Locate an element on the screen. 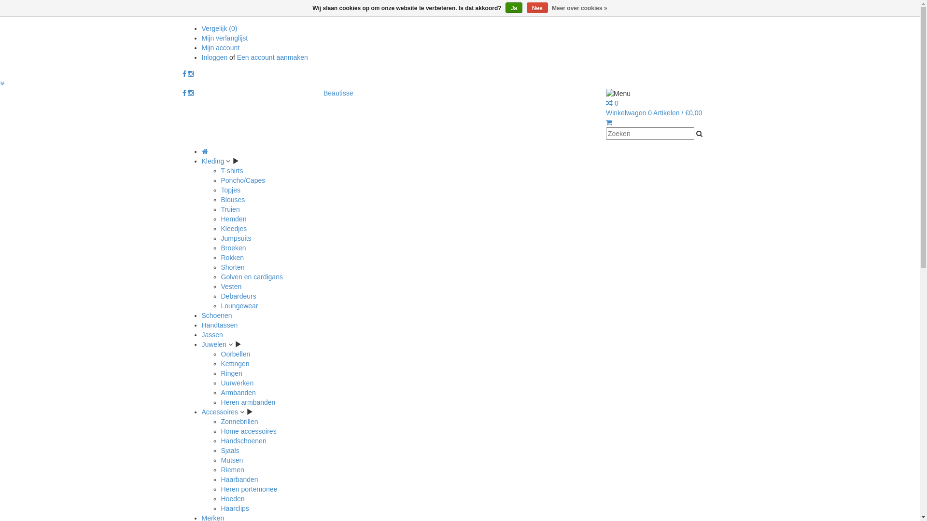 This screenshot has width=927, height=521. 'Home' is located at coordinates (204, 151).